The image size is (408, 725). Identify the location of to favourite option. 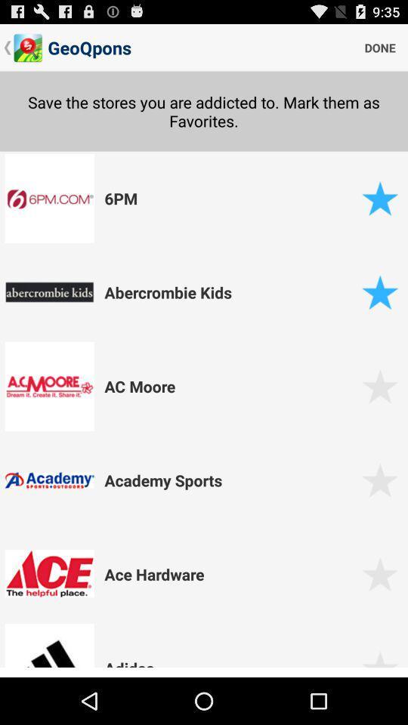
(379, 663).